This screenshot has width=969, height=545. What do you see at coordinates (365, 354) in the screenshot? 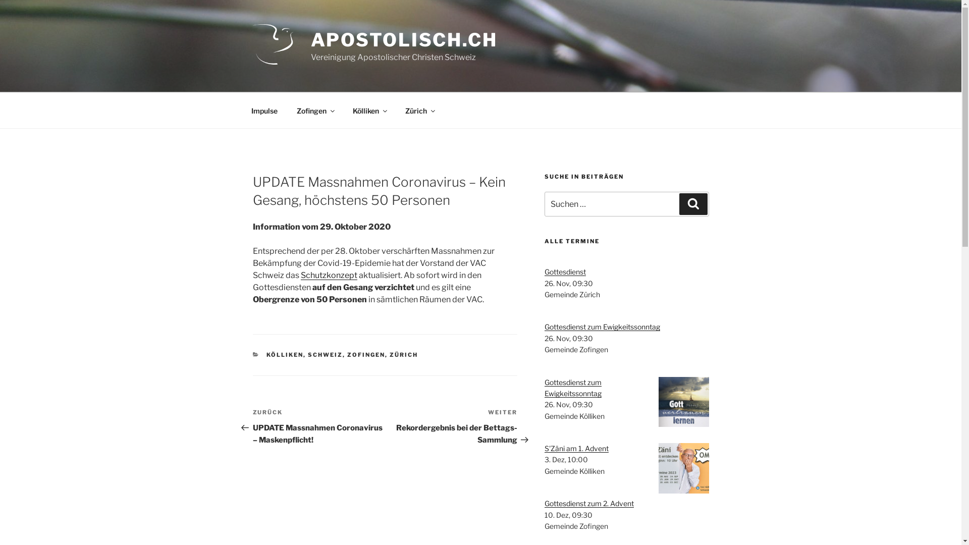
I see `'ZOFINGEN'` at bounding box center [365, 354].